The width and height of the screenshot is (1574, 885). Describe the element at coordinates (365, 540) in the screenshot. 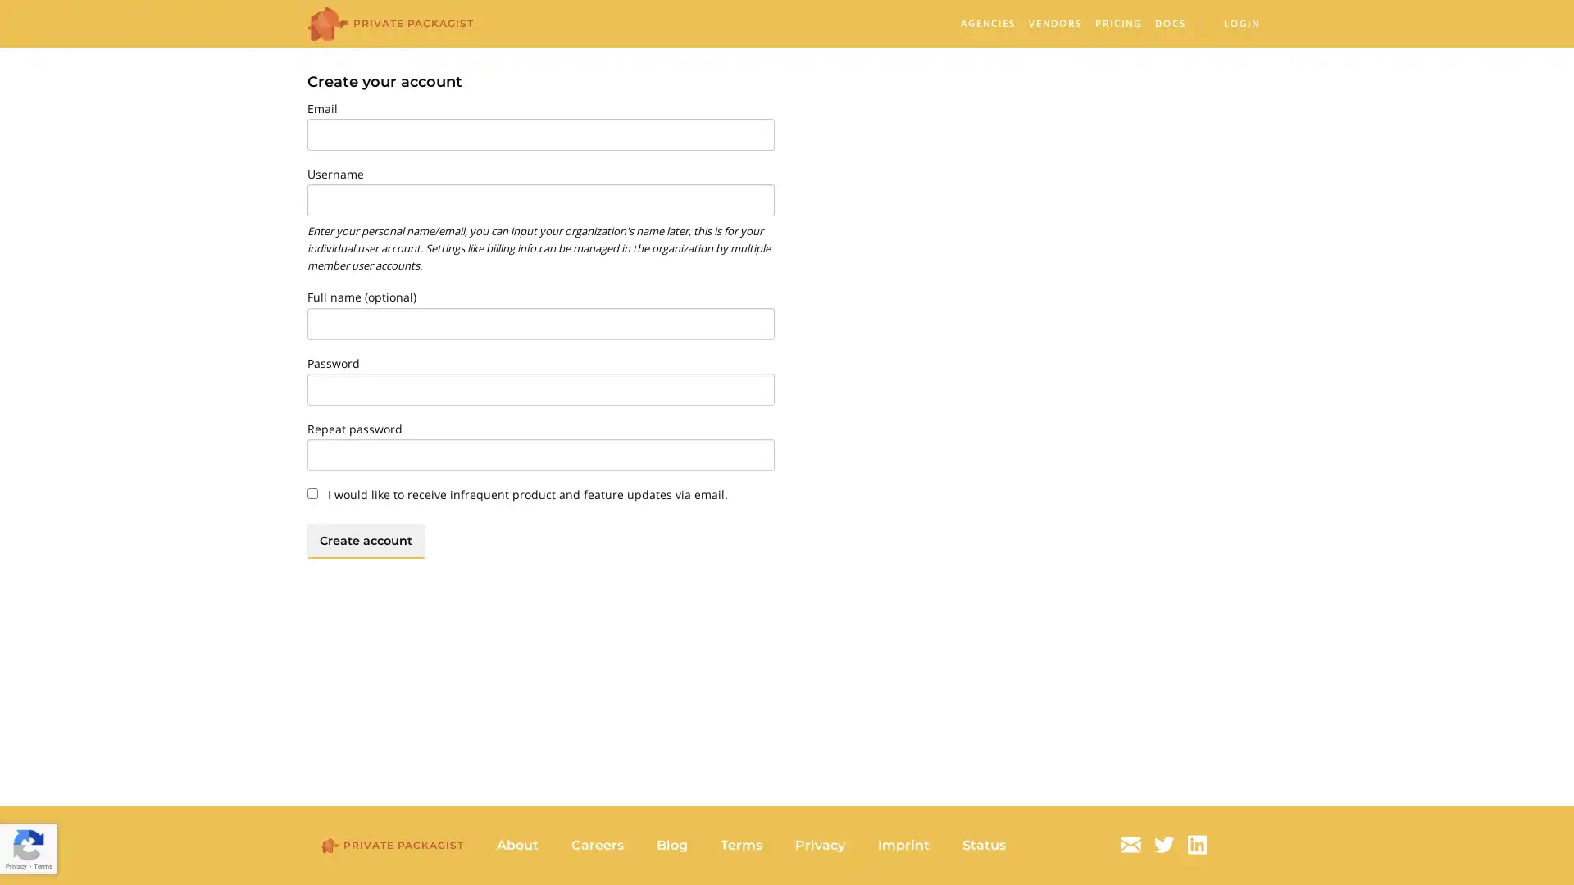

I see `Create account` at that location.